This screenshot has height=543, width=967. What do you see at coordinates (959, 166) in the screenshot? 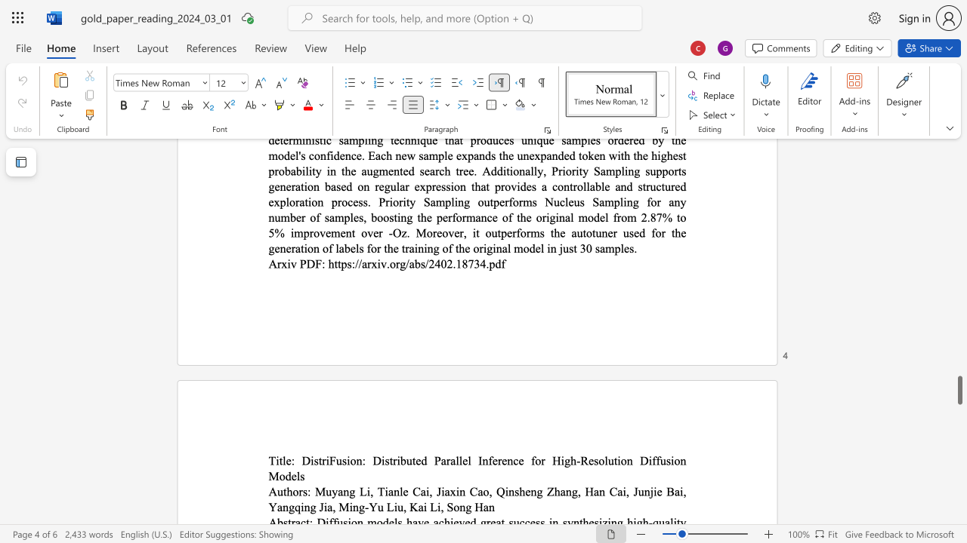
I see `the scrollbar to scroll upward` at bounding box center [959, 166].